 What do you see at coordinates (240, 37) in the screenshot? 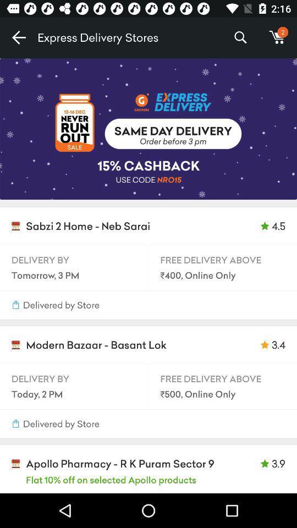
I see `the item next to the m` at bounding box center [240, 37].